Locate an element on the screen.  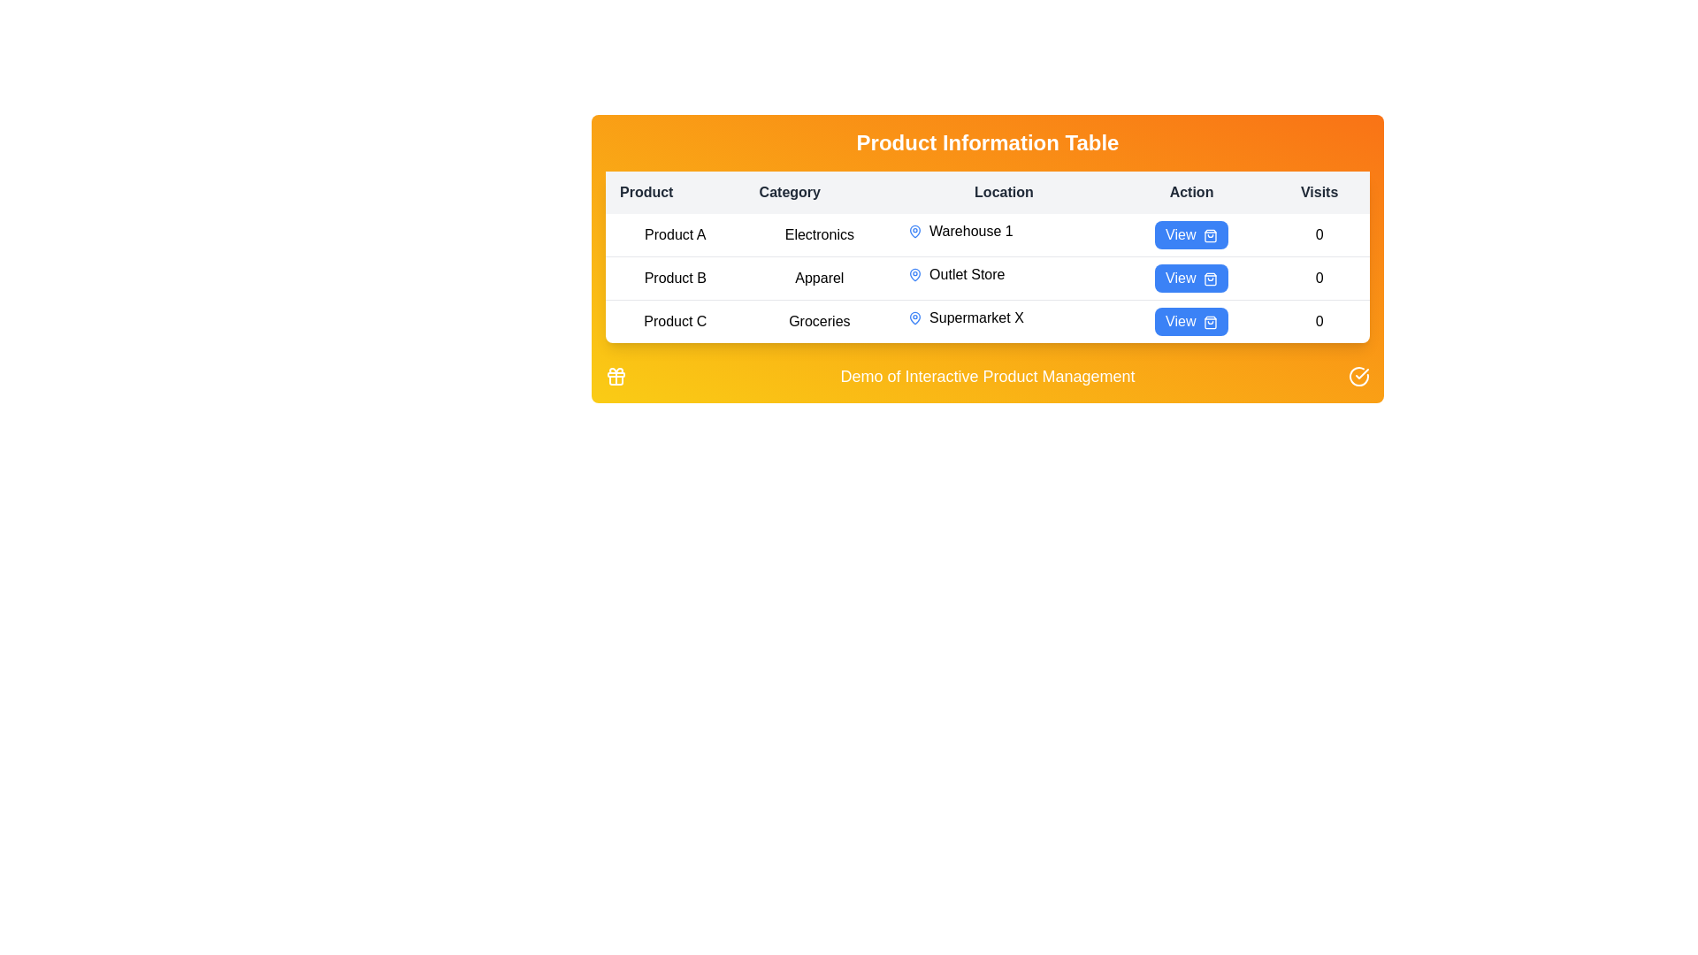
the location marker icon representing 'Product C' in the 'Location' column, adjacent to 'Supermarket X' is located at coordinates (915, 317).